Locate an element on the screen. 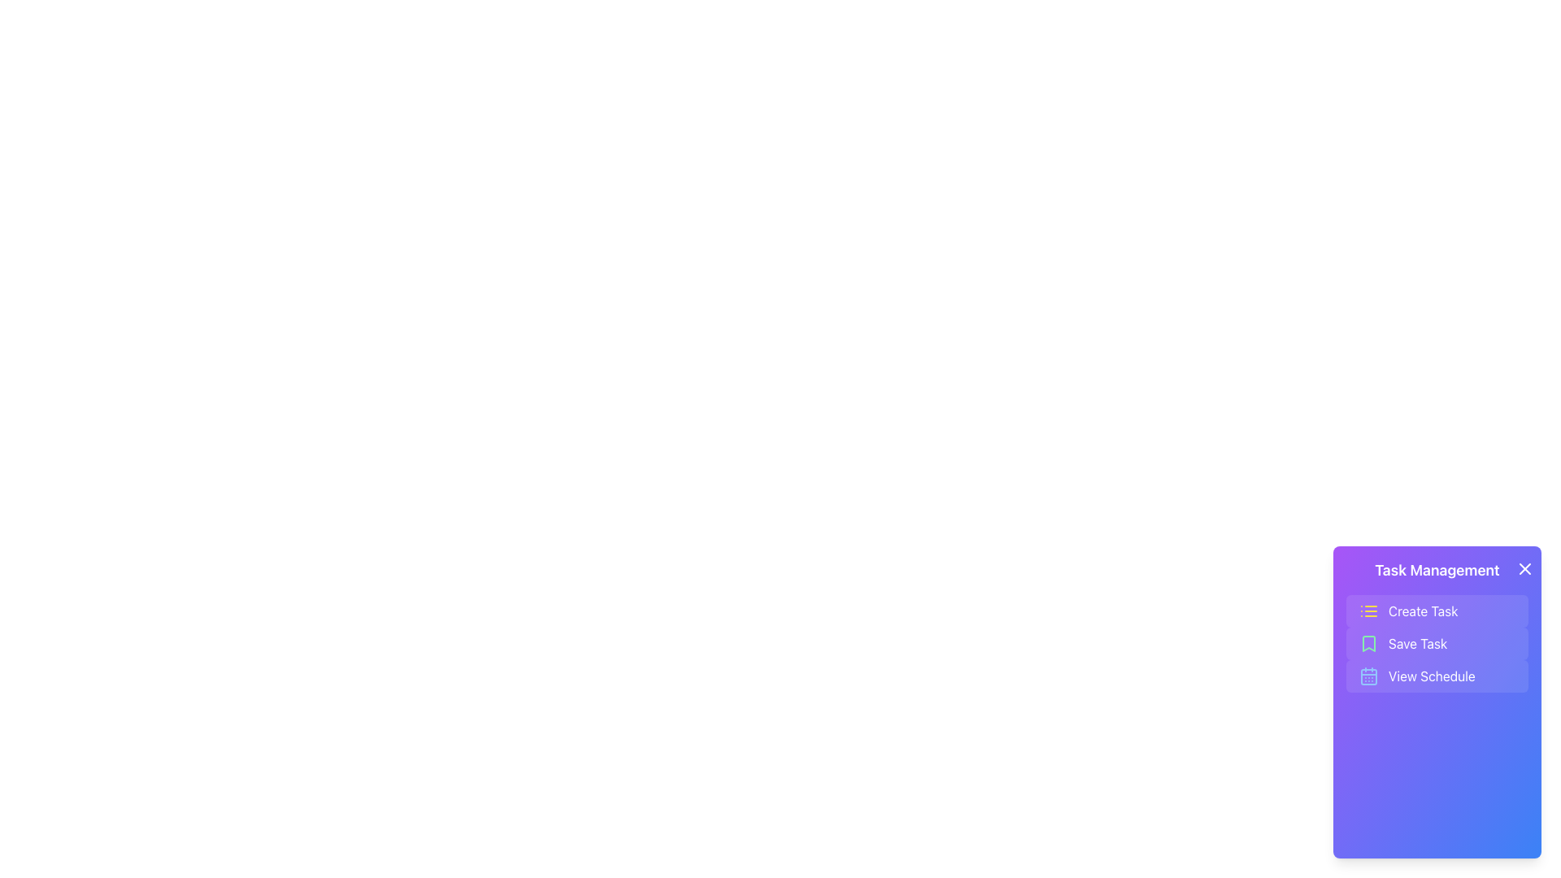 This screenshot has width=1561, height=878. the green outlined bookmark icon located to the left of the 'Save Task' text is located at coordinates (1368, 642).